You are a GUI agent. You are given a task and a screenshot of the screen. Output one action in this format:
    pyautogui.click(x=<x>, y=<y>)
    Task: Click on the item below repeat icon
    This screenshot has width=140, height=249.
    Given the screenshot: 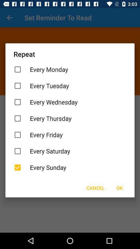 What is the action you would take?
    pyautogui.click(x=70, y=69)
    